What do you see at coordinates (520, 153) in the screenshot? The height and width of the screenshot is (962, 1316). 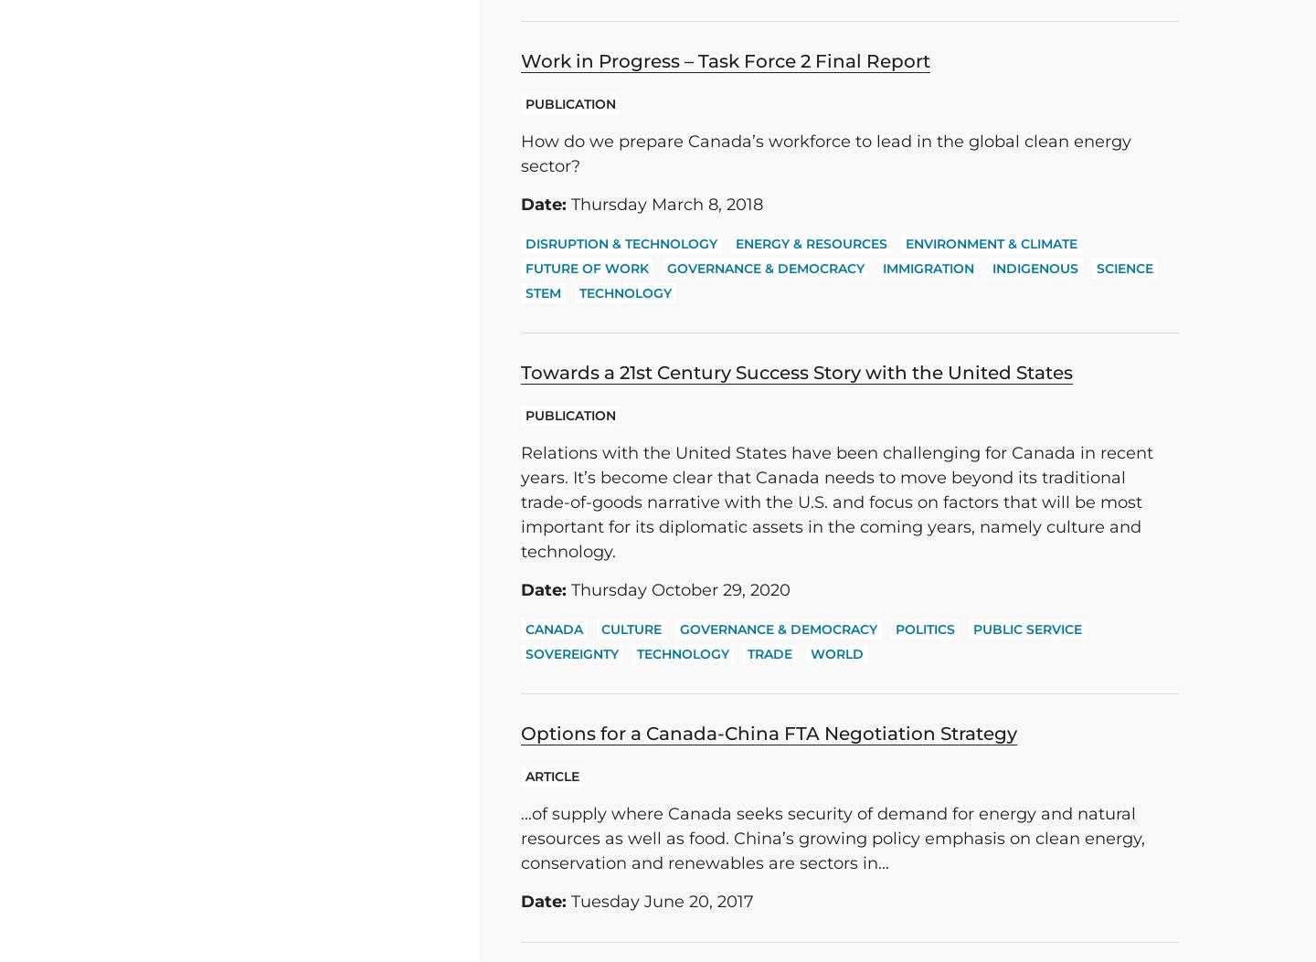 I see `'How do we prepare Canada’s workforce to lead in the global clean energy sector?'` at bounding box center [520, 153].